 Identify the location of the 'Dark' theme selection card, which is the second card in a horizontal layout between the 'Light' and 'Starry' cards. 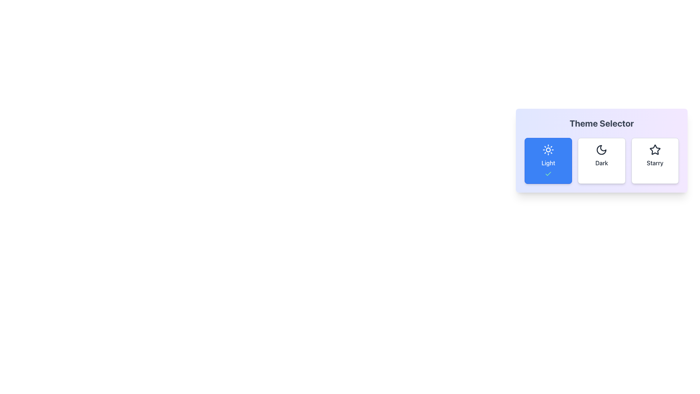
(602, 160).